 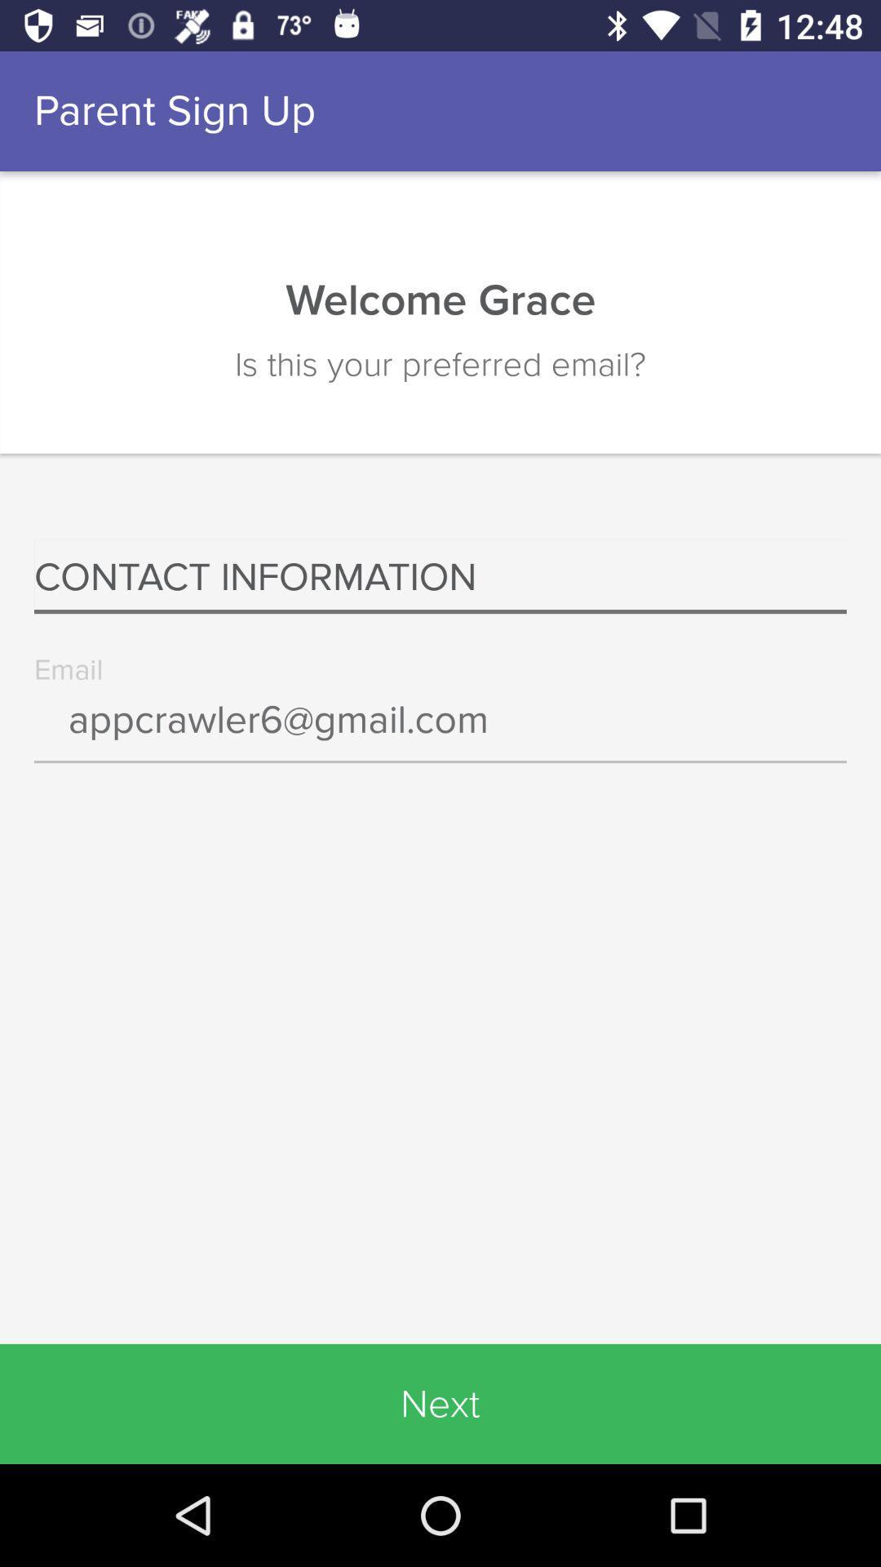 I want to click on the icon below the contact information, so click(x=440, y=730).